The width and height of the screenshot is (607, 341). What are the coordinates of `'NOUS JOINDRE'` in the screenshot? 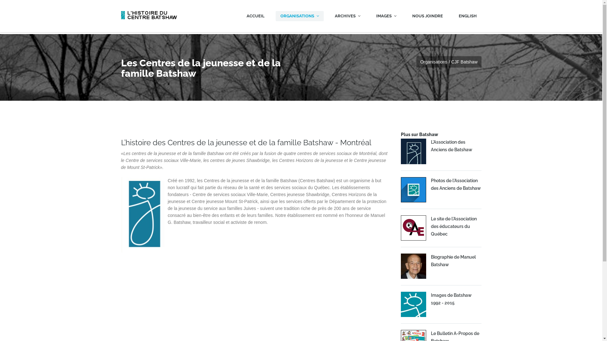 It's located at (427, 15).